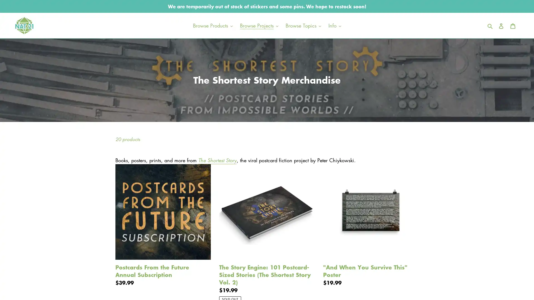  What do you see at coordinates (334, 25) in the screenshot?
I see `Info` at bounding box center [334, 25].